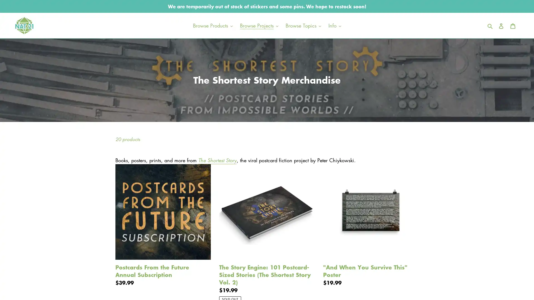  What do you see at coordinates (334, 25) in the screenshot?
I see `Info` at bounding box center [334, 25].